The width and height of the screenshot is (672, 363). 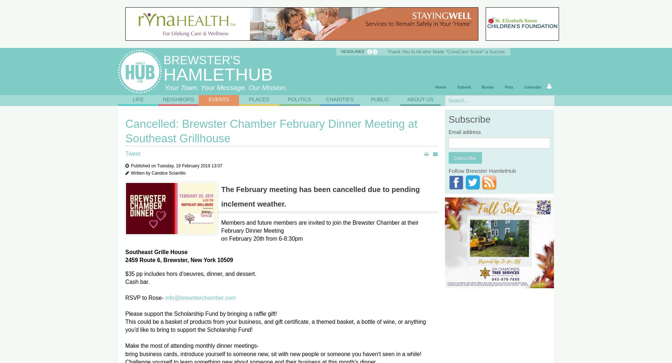 What do you see at coordinates (162, 99) in the screenshot?
I see `'Neighbors'` at bounding box center [162, 99].